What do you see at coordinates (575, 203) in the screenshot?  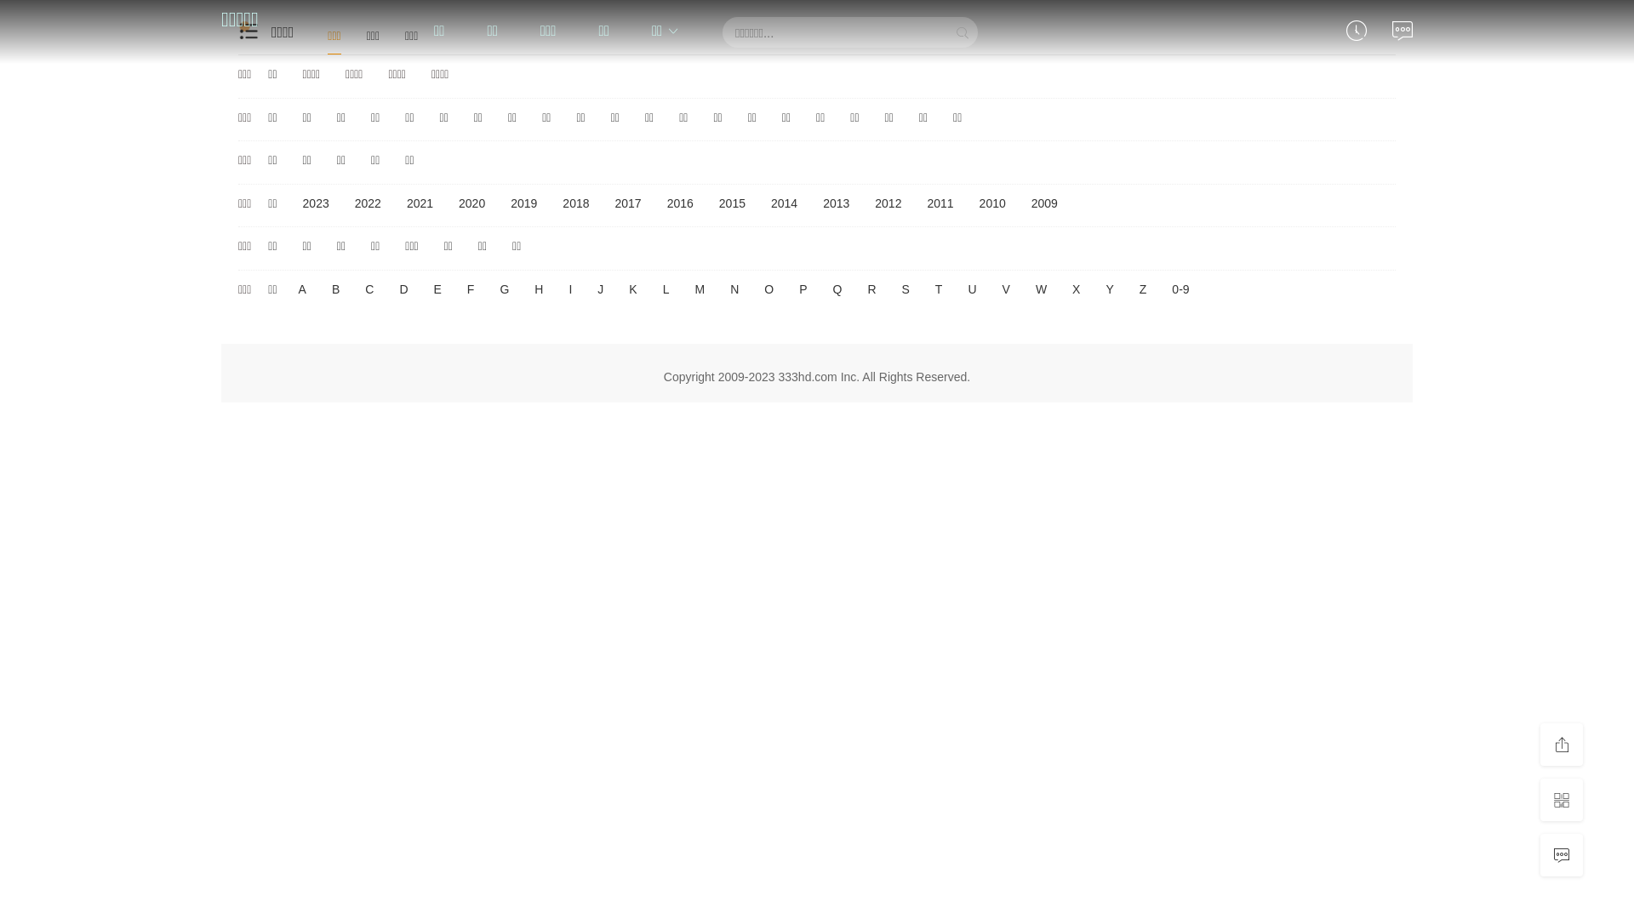 I see `'2018'` at bounding box center [575, 203].